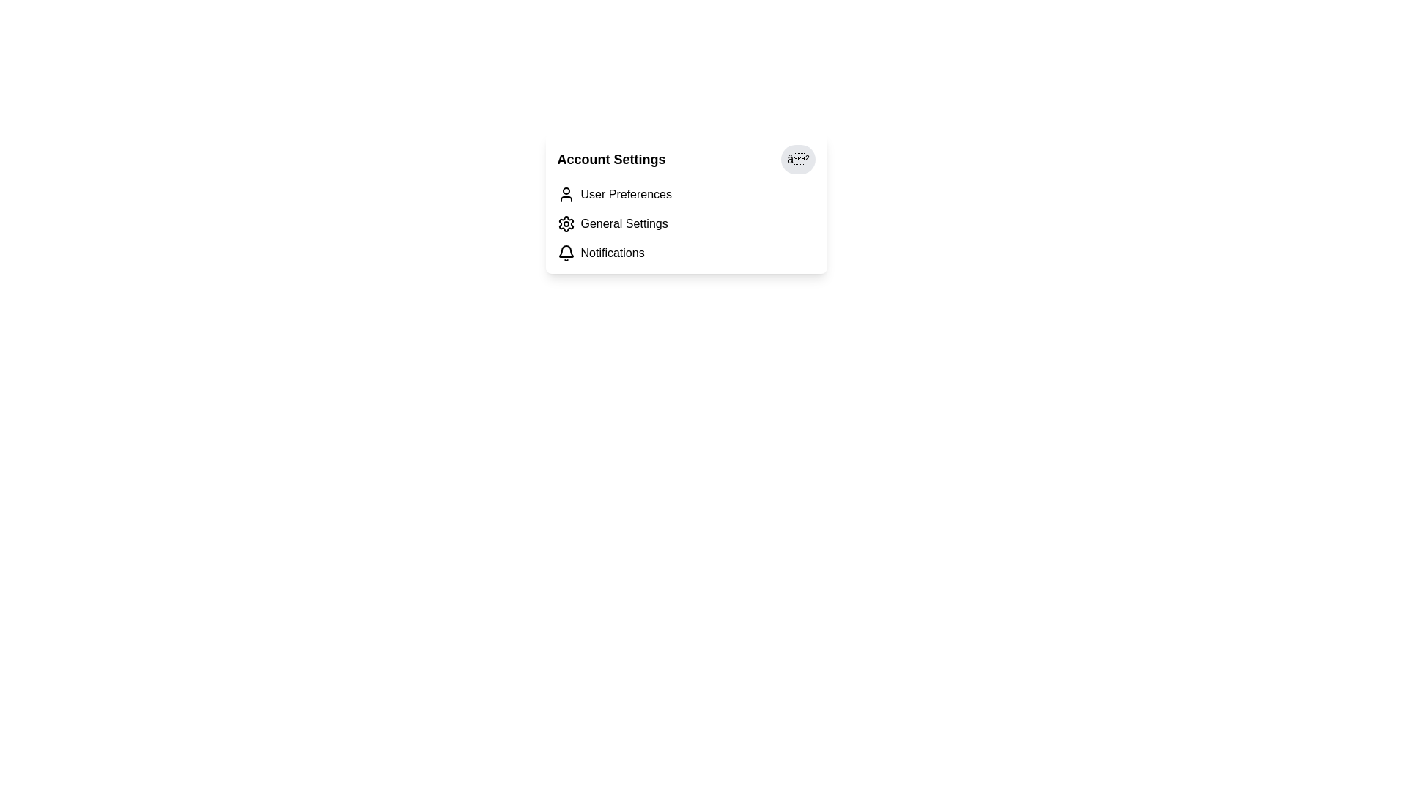 This screenshot has height=791, width=1407. I want to click on the bell icon located to the left of the 'Notifications' text in the 'Account Settings' menu, so click(565, 253).